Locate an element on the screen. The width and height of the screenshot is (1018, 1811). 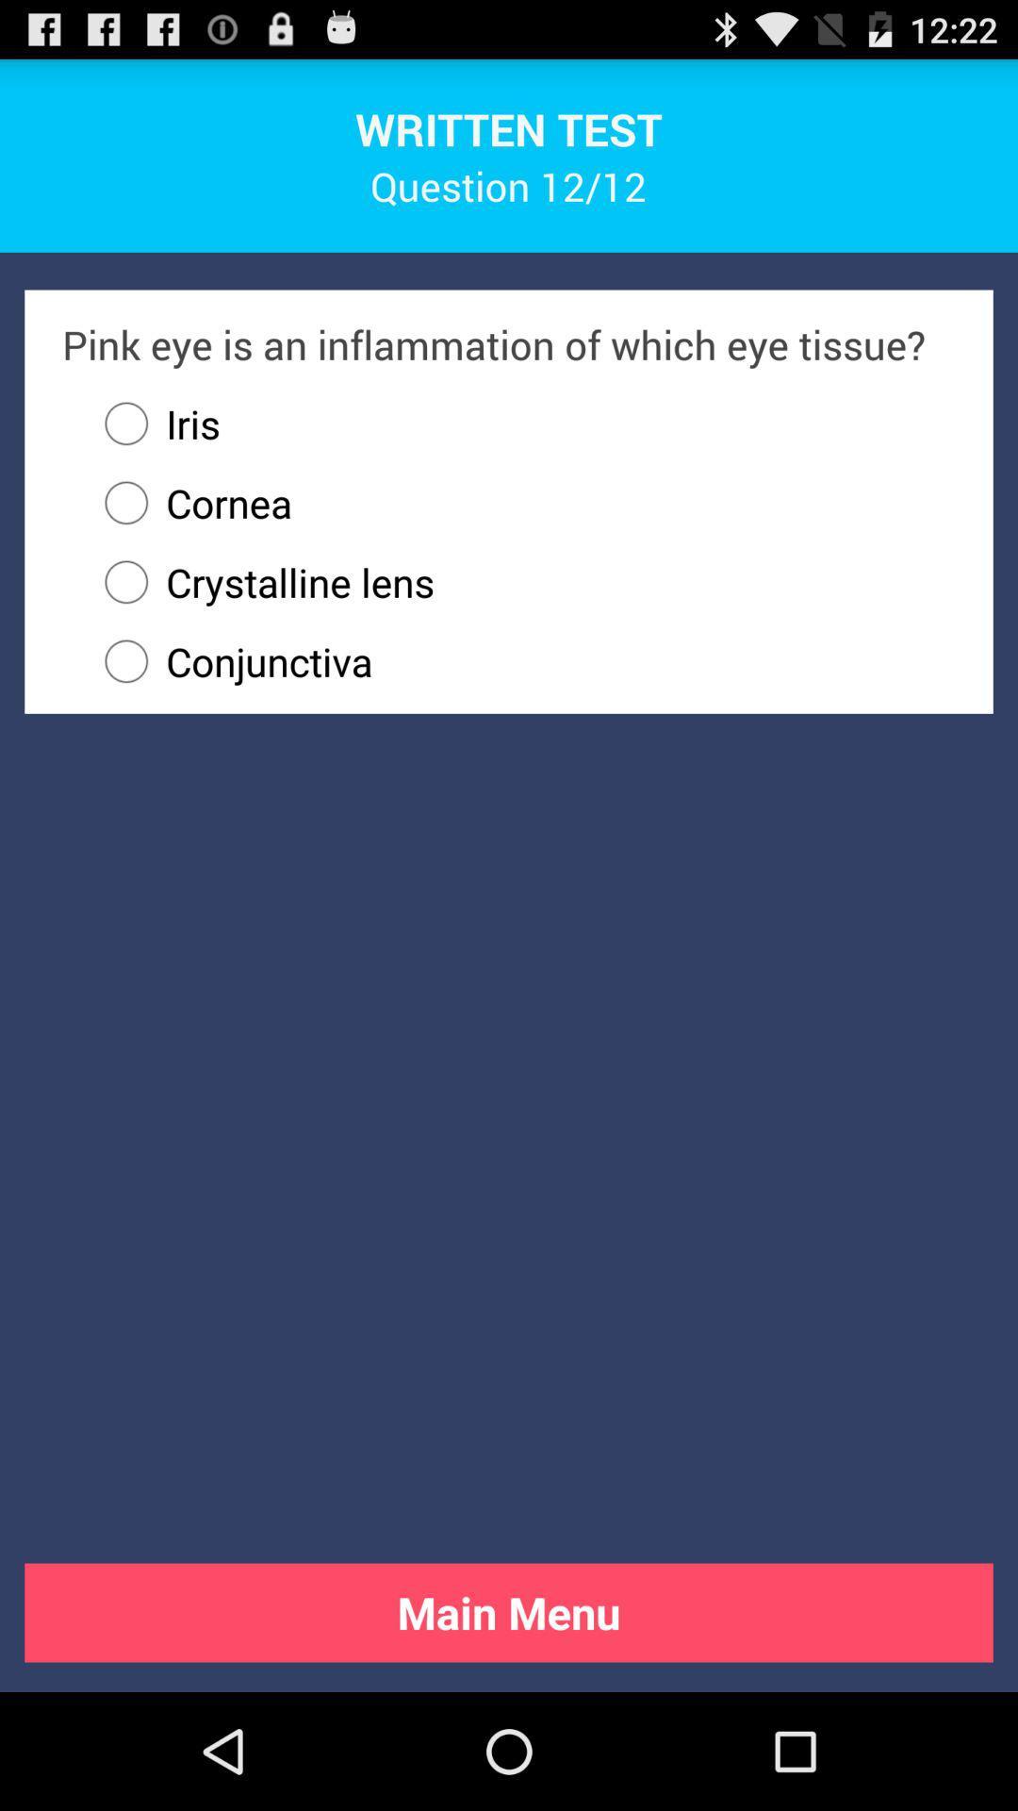
the main menu button is located at coordinates (509, 1611).